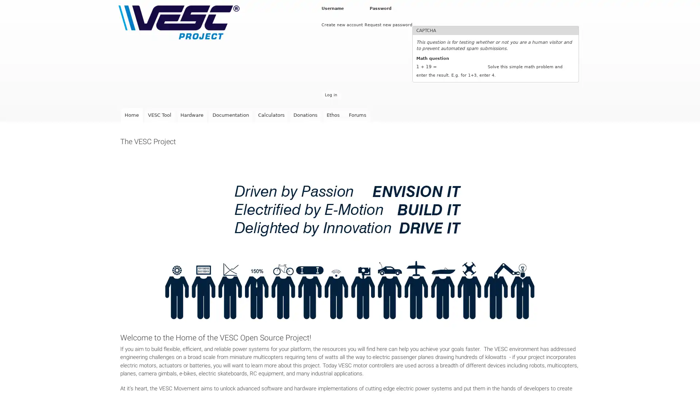  I want to click on Log in, so click(330, 94).